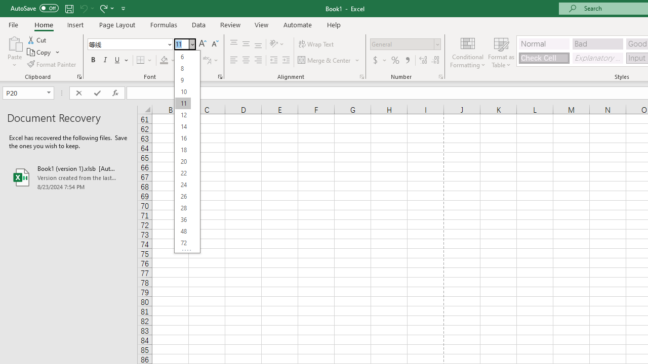 This screenshot has width=648, height=364. I want to click on 'Save', so click(68, 8).